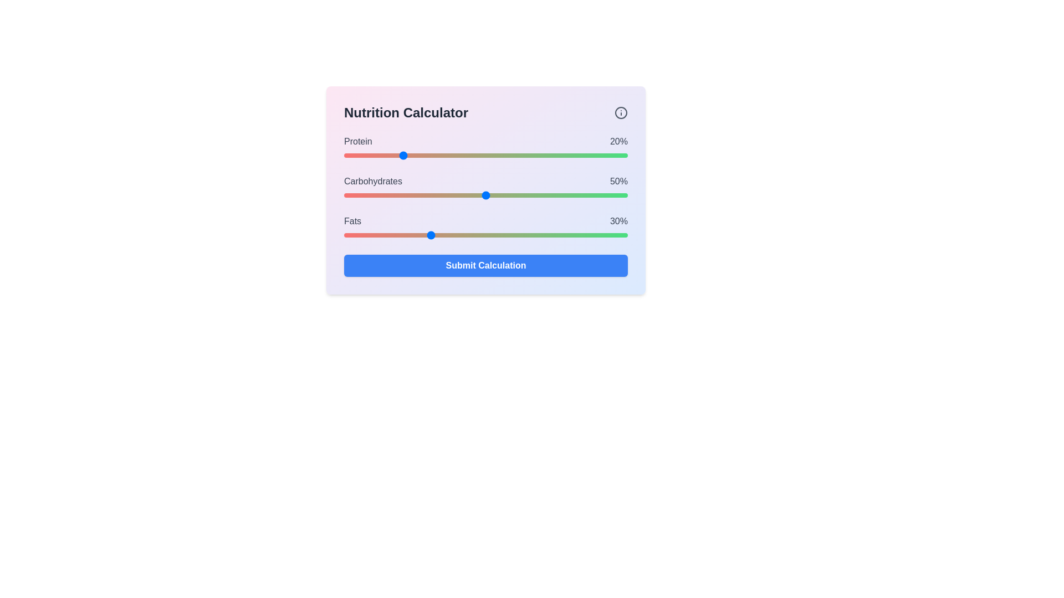  Describe the element at coordinates (486, 265) in the screenshot. I see `the 'Submit Calculation' button` at that location.